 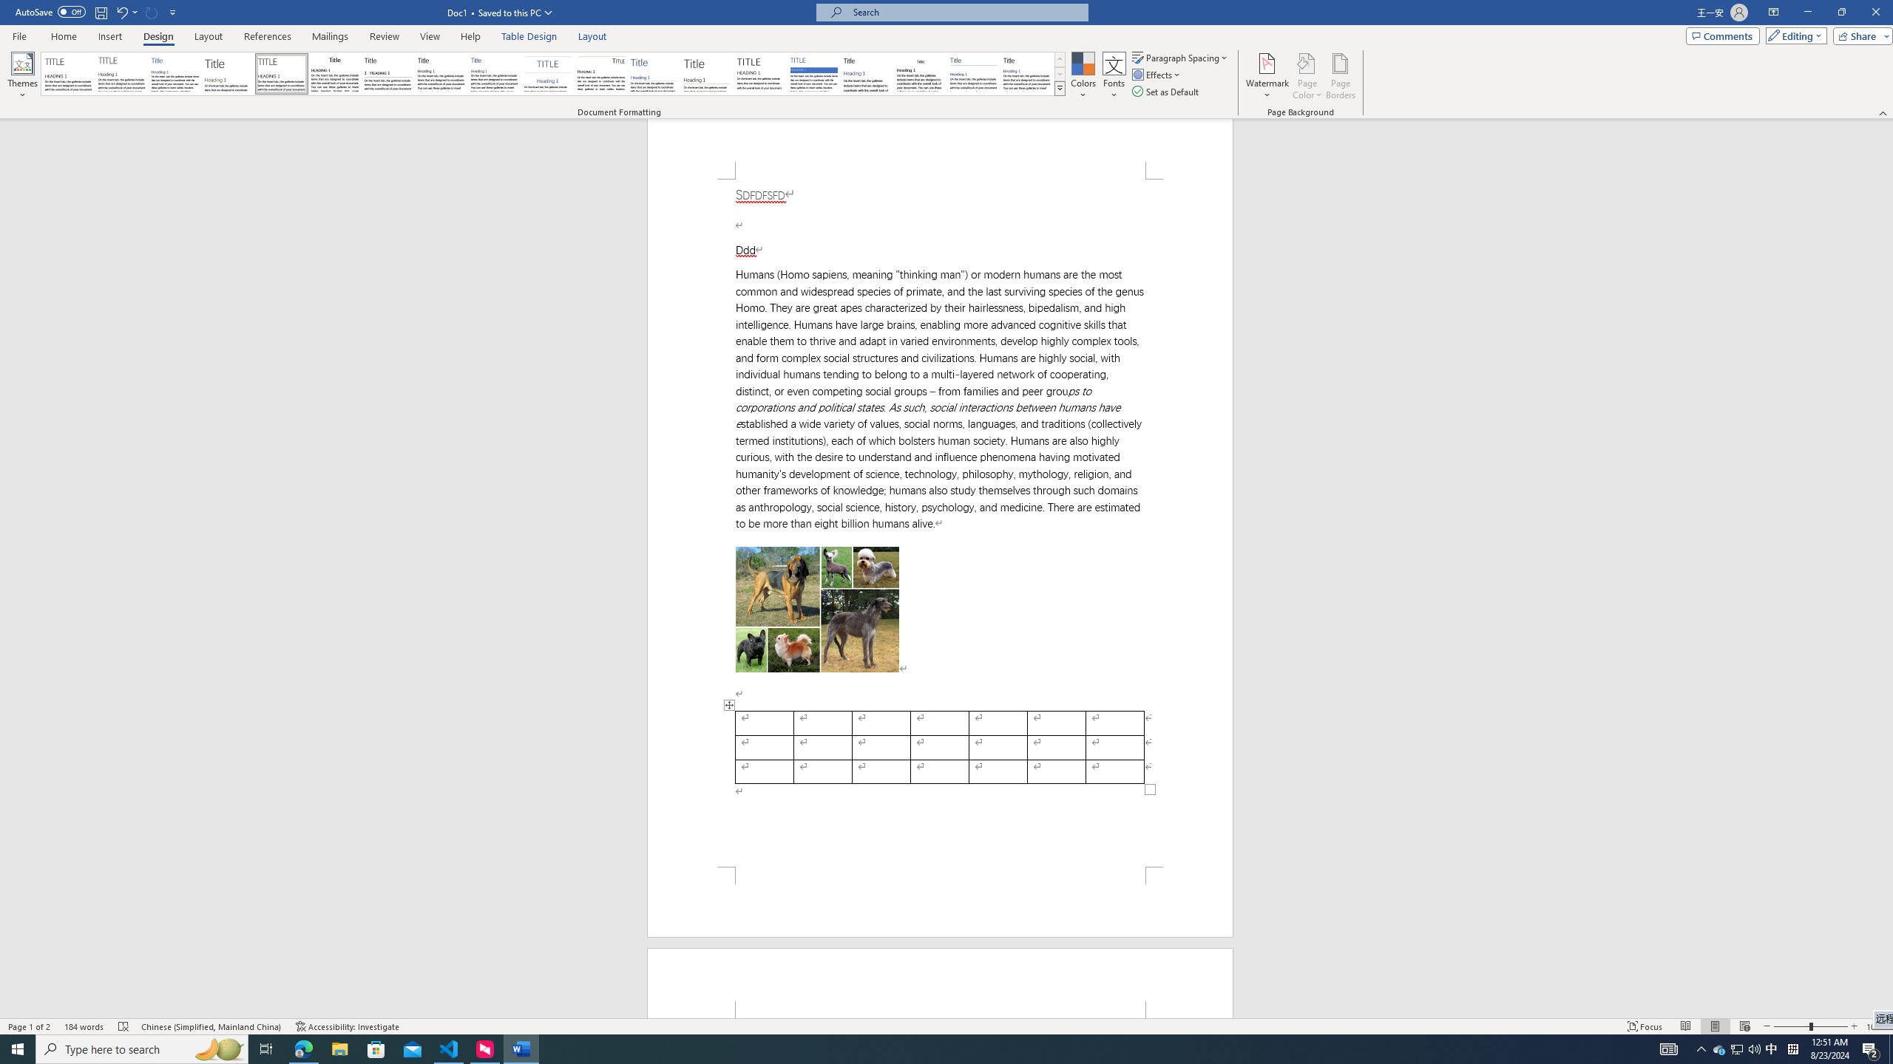 I want to click on 'Set as Default', so click(x=1166, y=90).